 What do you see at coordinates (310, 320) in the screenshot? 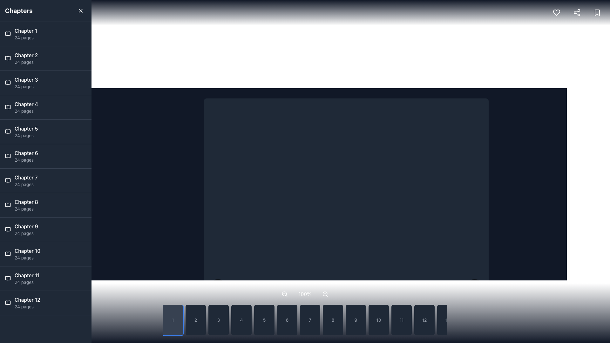
I see `the button labeled '7' with a dark gray background for keyboard interaction` at bounding box center [310, 320].